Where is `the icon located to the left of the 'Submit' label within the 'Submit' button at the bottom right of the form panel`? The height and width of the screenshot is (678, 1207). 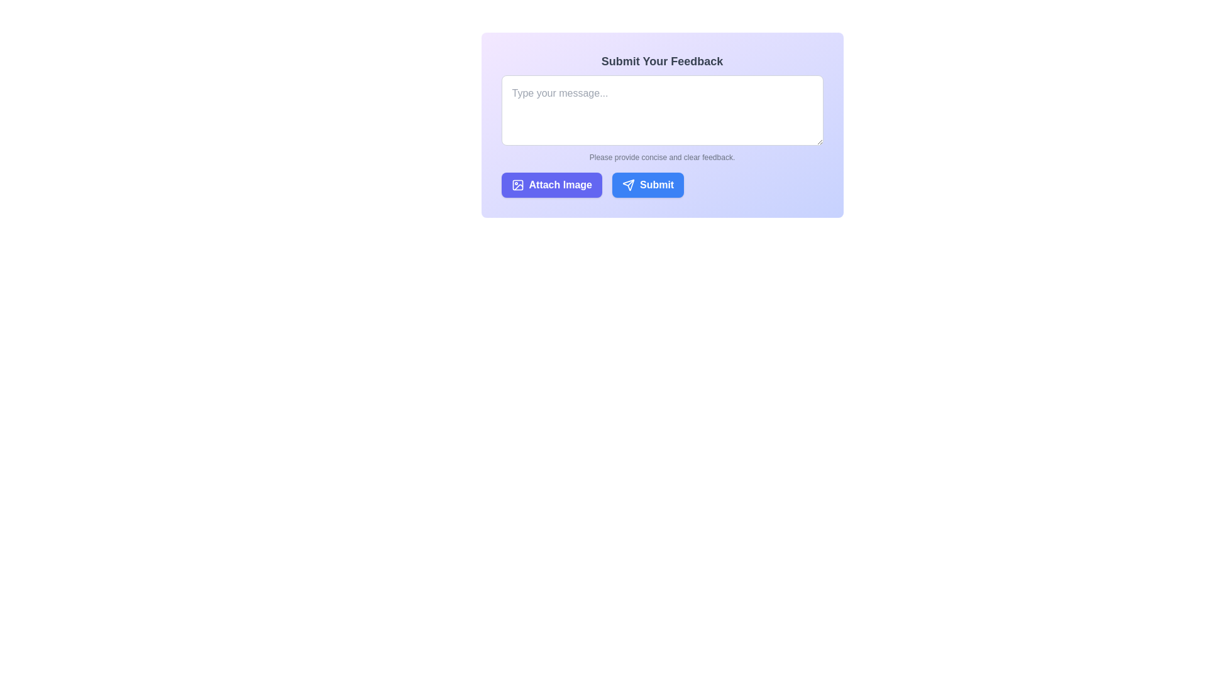 the icon located to the left of the 'Submit' label within the 'Submit' button at the bottom right of the form panel is located at coordinates (628, 185).